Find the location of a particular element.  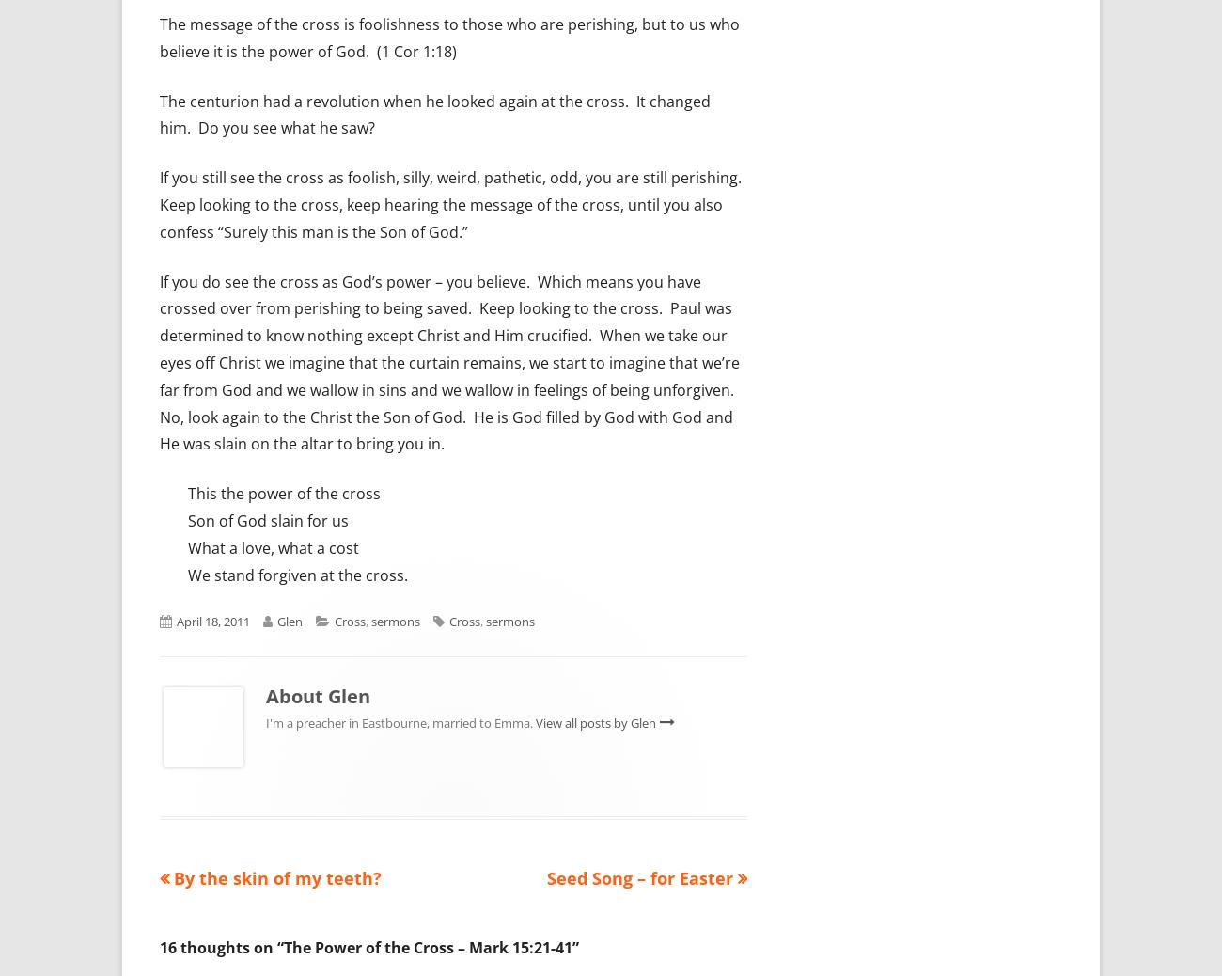

'View all posts by Glen' is located at coordinates (597, 721).